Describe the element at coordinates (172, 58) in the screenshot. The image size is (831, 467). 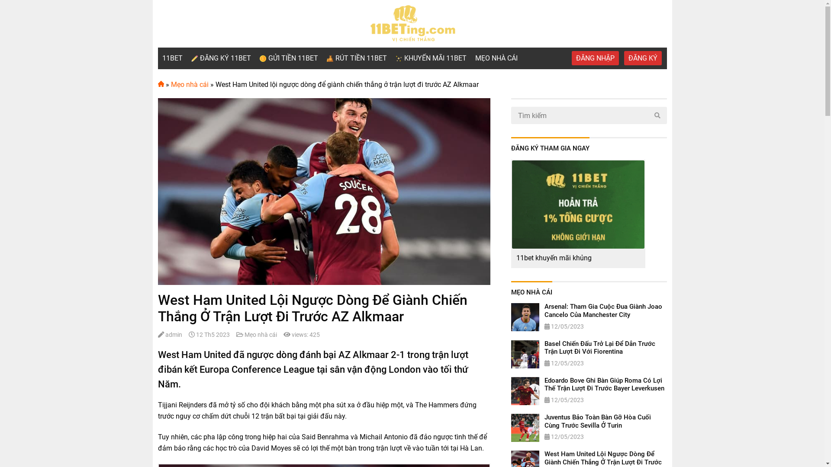
I see `'11BET'` at that location.